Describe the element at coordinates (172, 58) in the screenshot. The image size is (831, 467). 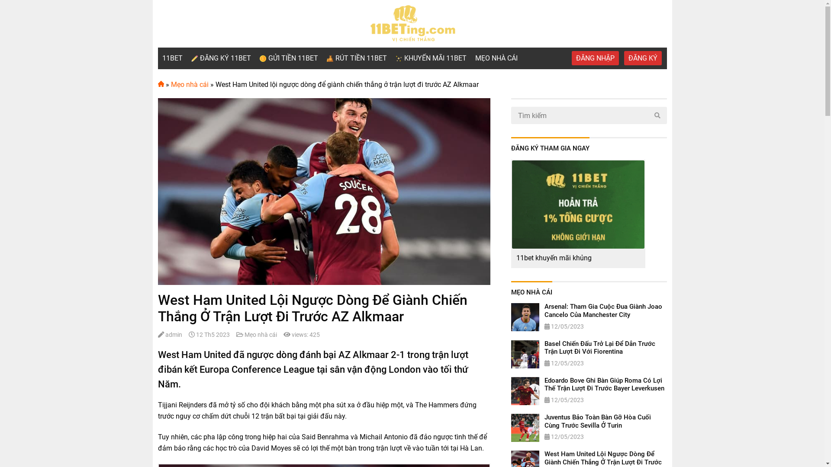
I see `'11BET'` at that location.